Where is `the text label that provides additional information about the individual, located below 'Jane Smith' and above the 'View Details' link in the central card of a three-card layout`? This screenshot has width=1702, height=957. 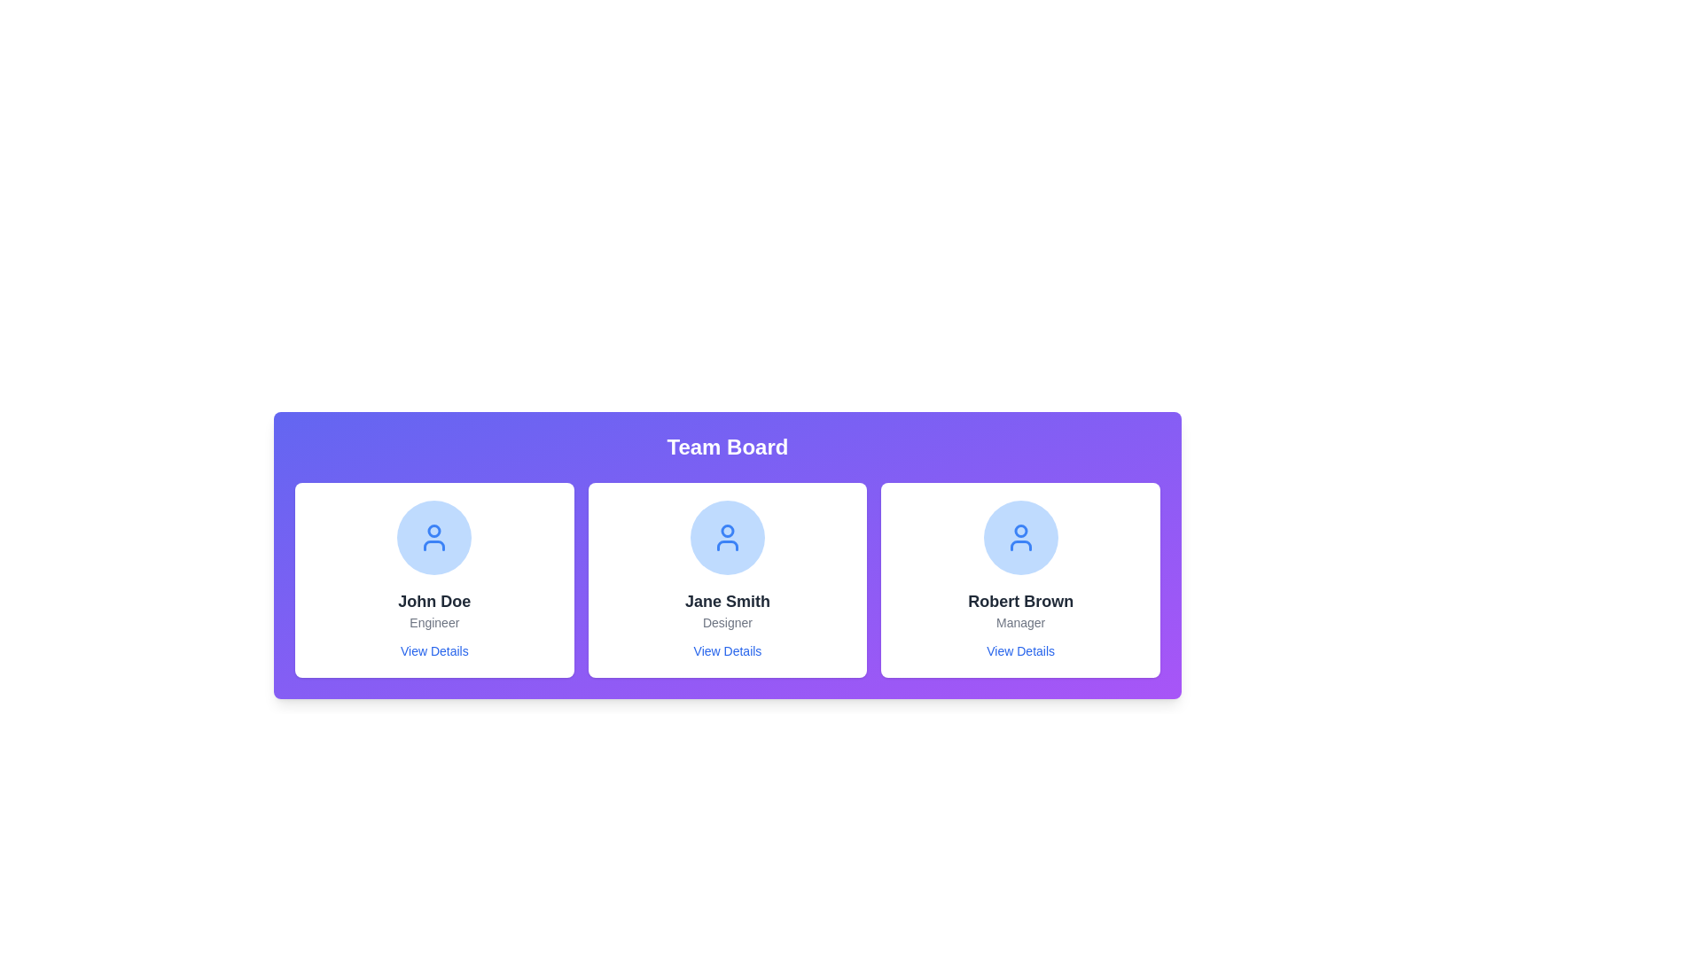 the text label that provides additional information about the individual, located below 'Jane Smith' and above the 'View Details' link in the central card of a three-card layout is located at coordinates (727, 621).